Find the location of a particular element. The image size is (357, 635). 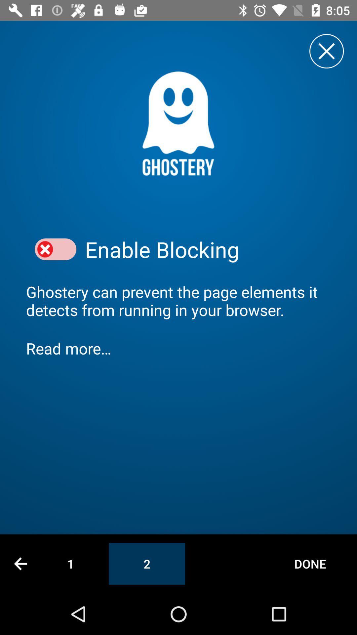

the icon to the left of the enable blocking item is located at coordinates (55, 249).